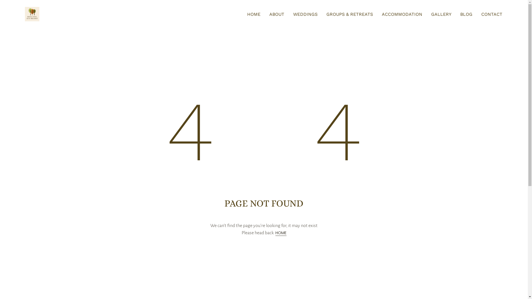  I want to click on 'GROUPS & RETREATS', so click(349, 14).